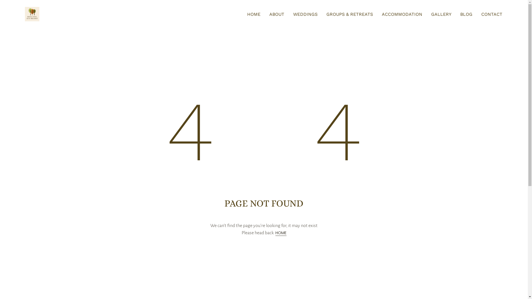  I want to click on 'GROUPS & RETREATS', so click(349, 14).